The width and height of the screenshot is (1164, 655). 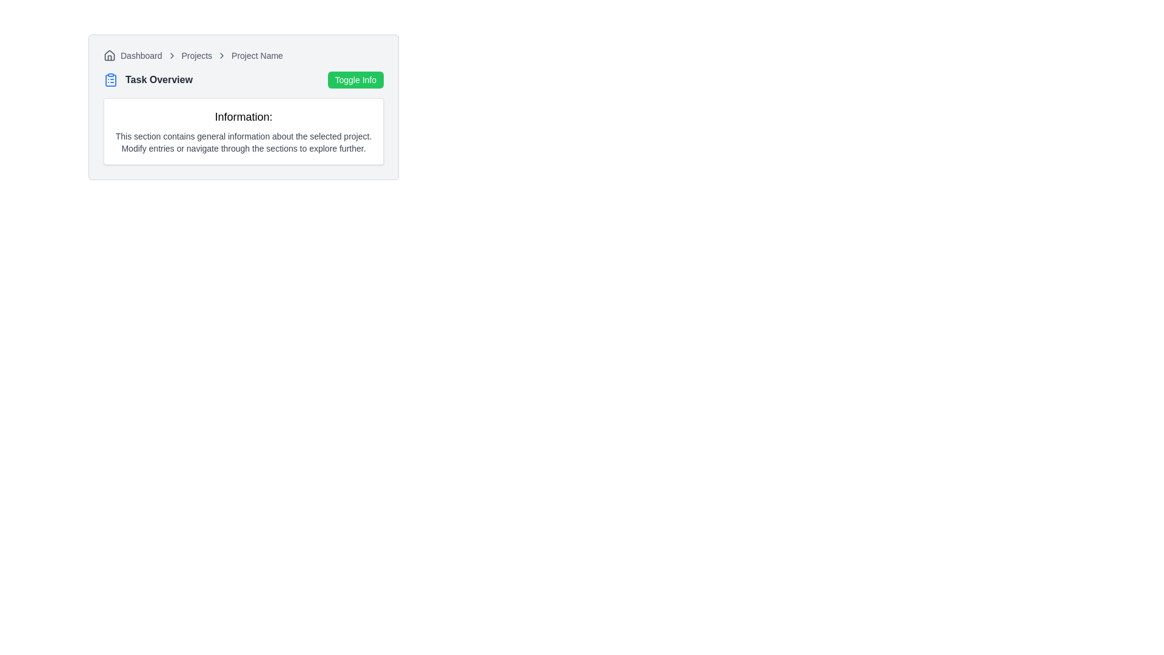 What do you see at coordinates (110, 79) in the screenshot?
I see `the blue clipboard icon, which features a simplistic design and is positioned to the left of the 'Task Overview' heading` at bounding box center [110, 79].